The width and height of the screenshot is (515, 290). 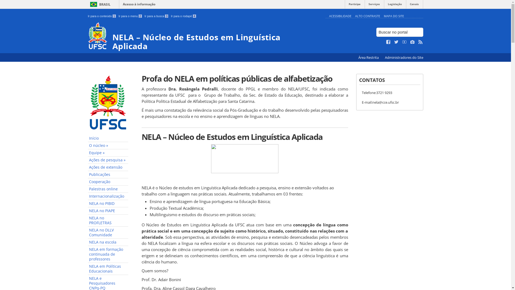 I want to click on 'Ir para a busca 3', so click(x=156, y=16).